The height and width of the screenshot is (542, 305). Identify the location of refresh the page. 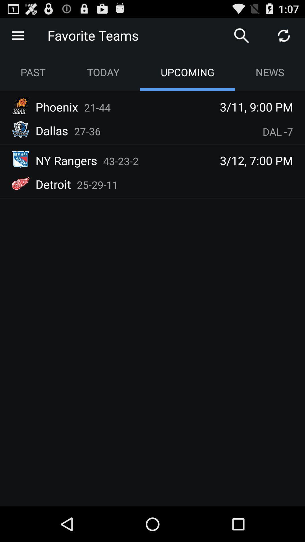
(284, 35).